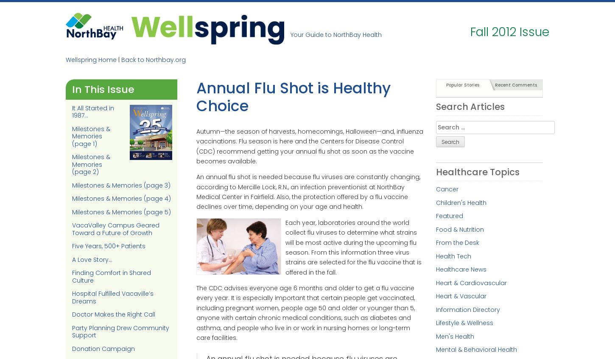 The image size is (615, 359). Describe the element at coordinates (65, 60) in the screenshot. I see `'Wellspring Home'` at that location.